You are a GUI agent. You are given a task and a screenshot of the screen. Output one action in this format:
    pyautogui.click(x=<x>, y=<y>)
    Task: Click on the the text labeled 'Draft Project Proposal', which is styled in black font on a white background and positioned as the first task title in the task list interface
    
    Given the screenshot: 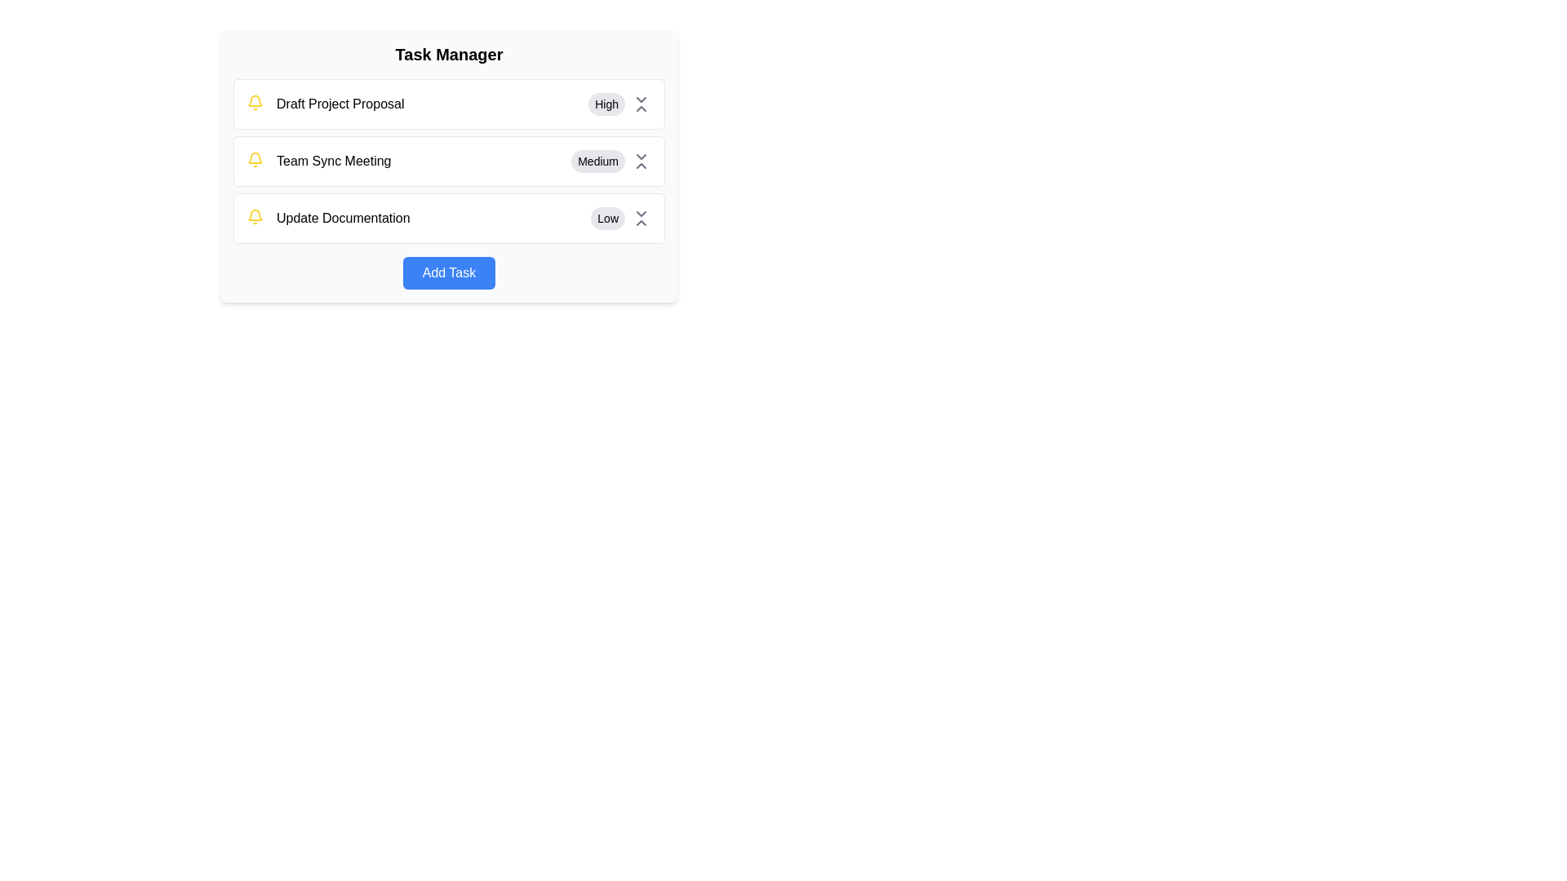 What is the action you would take?
    pyautogui.click(x=340, y=104)
    